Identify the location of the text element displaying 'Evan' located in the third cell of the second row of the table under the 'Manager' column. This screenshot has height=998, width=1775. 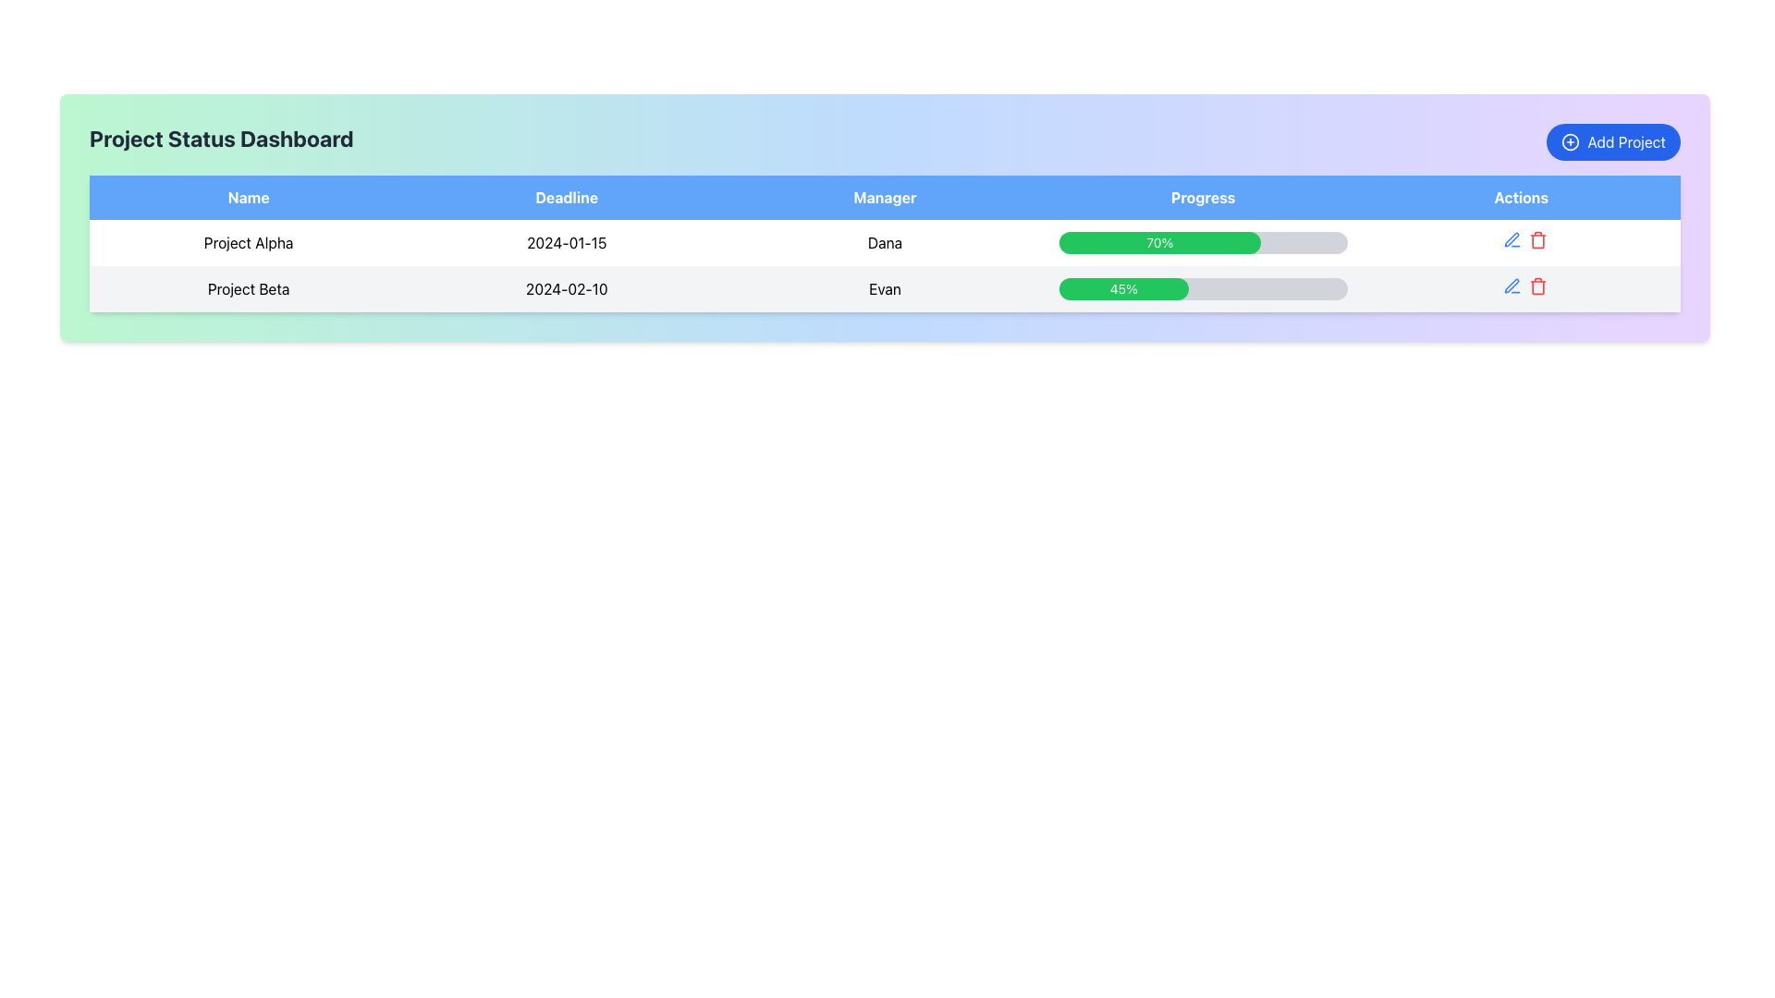
(884, 288).